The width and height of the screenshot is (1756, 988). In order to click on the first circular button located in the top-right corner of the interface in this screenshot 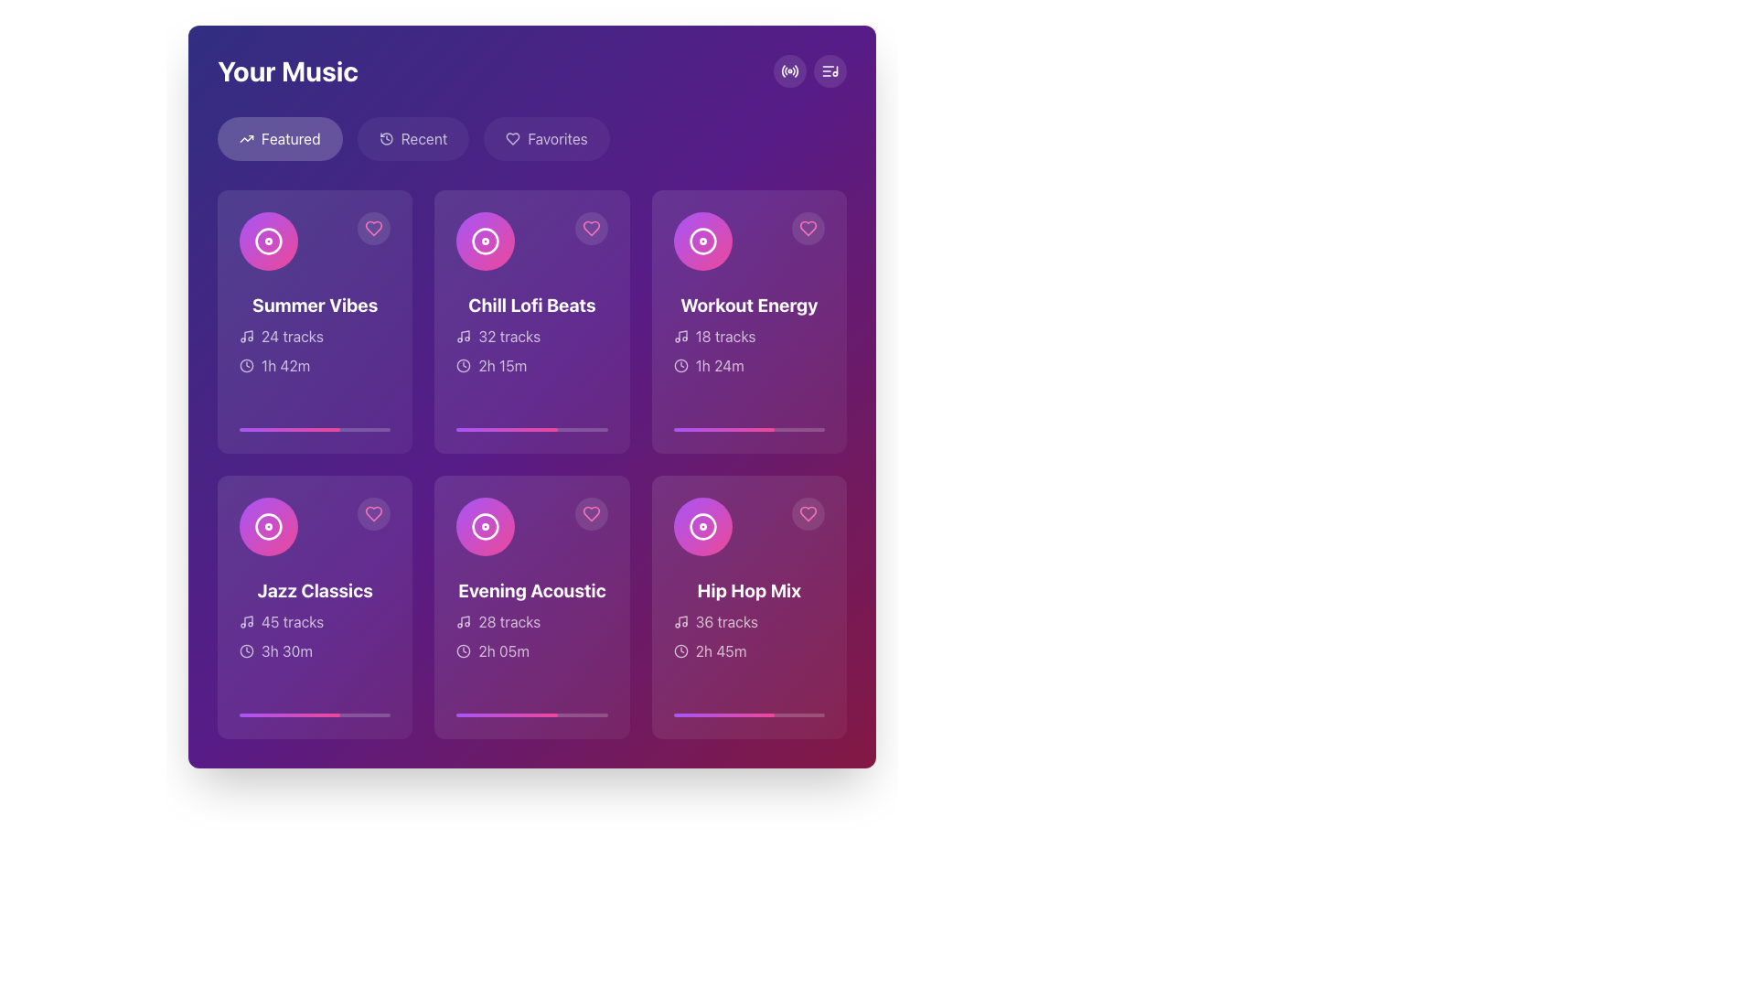, I will do `click(790, 70)`.